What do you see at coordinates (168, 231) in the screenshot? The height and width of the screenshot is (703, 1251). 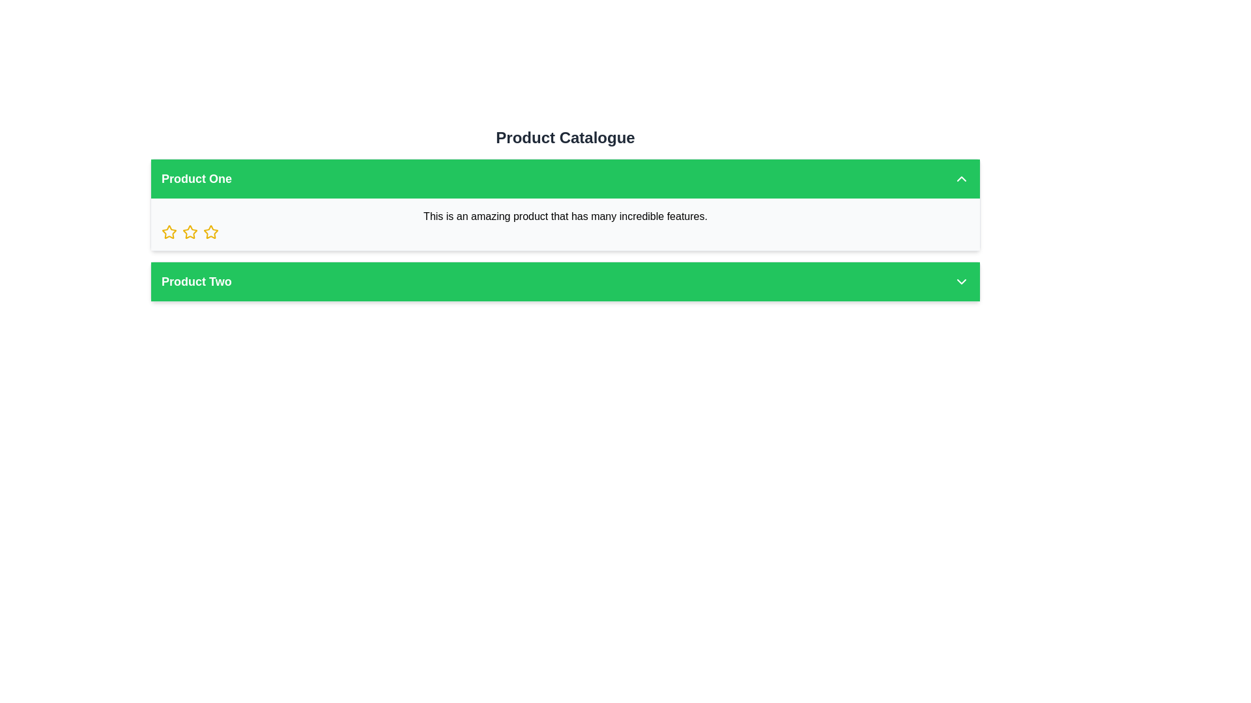 I see `the first star icon used for interactive ratings under the 'Product One' section` at bounding box center [168, 231].